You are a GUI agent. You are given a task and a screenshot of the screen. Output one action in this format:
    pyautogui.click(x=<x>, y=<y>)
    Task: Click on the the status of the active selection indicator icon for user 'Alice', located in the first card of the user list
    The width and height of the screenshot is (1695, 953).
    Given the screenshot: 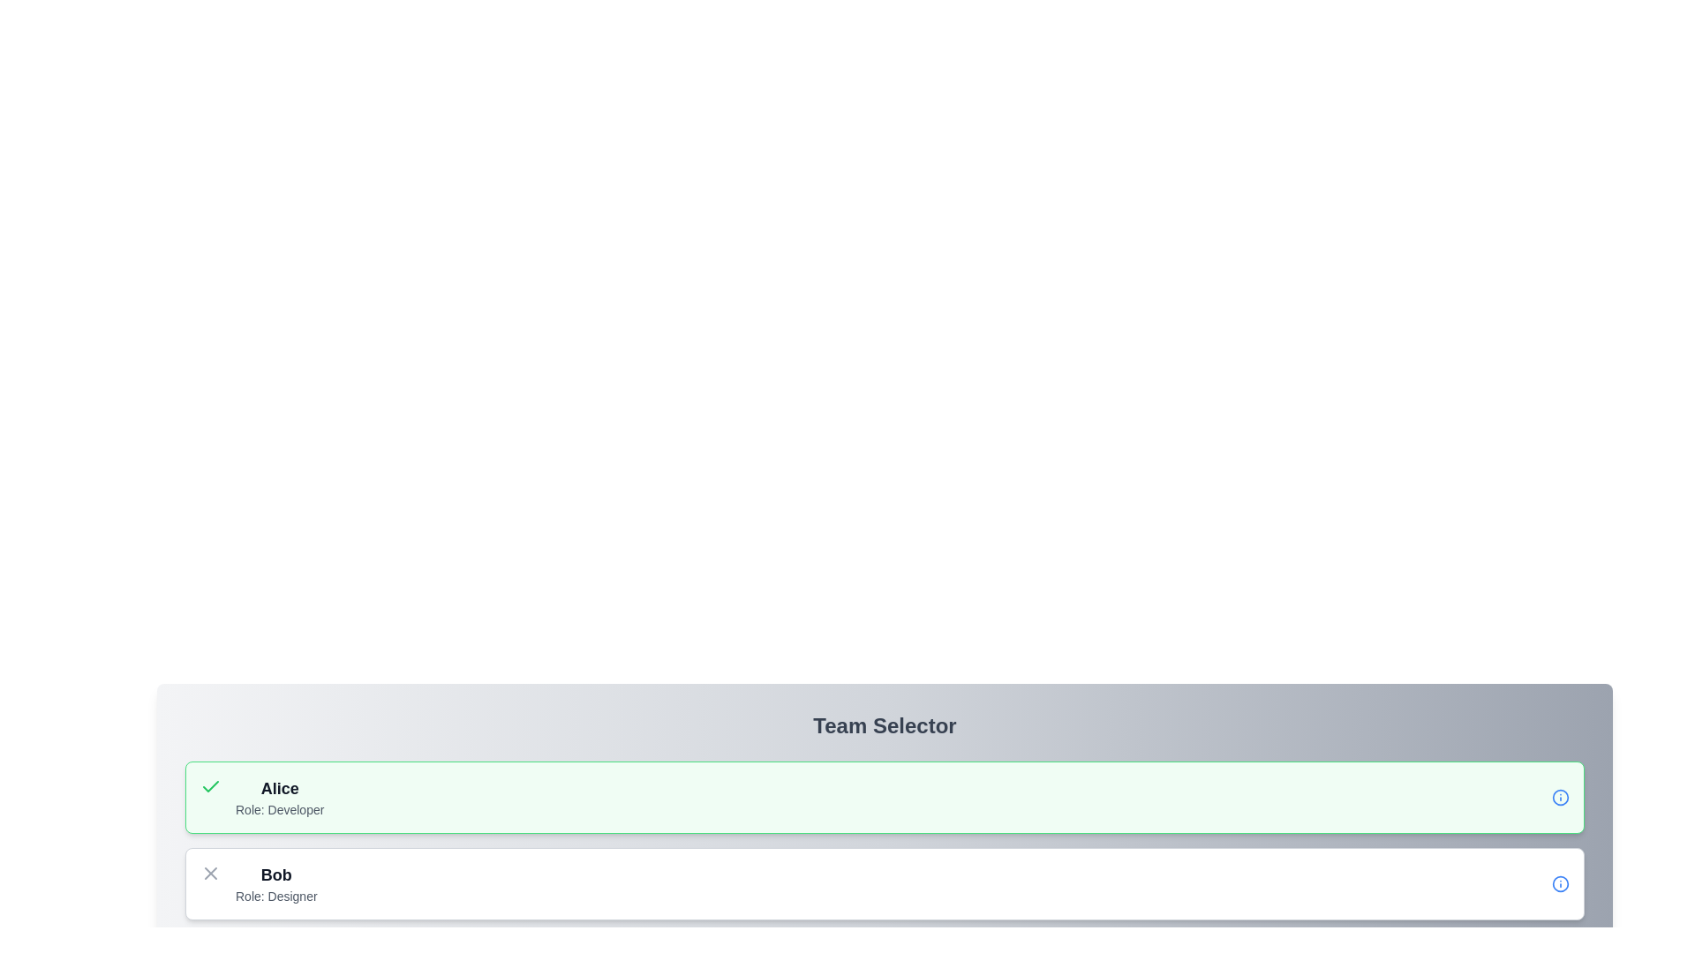 What is the action you would take?
    pyautogui.click(x=211, y=785)
    